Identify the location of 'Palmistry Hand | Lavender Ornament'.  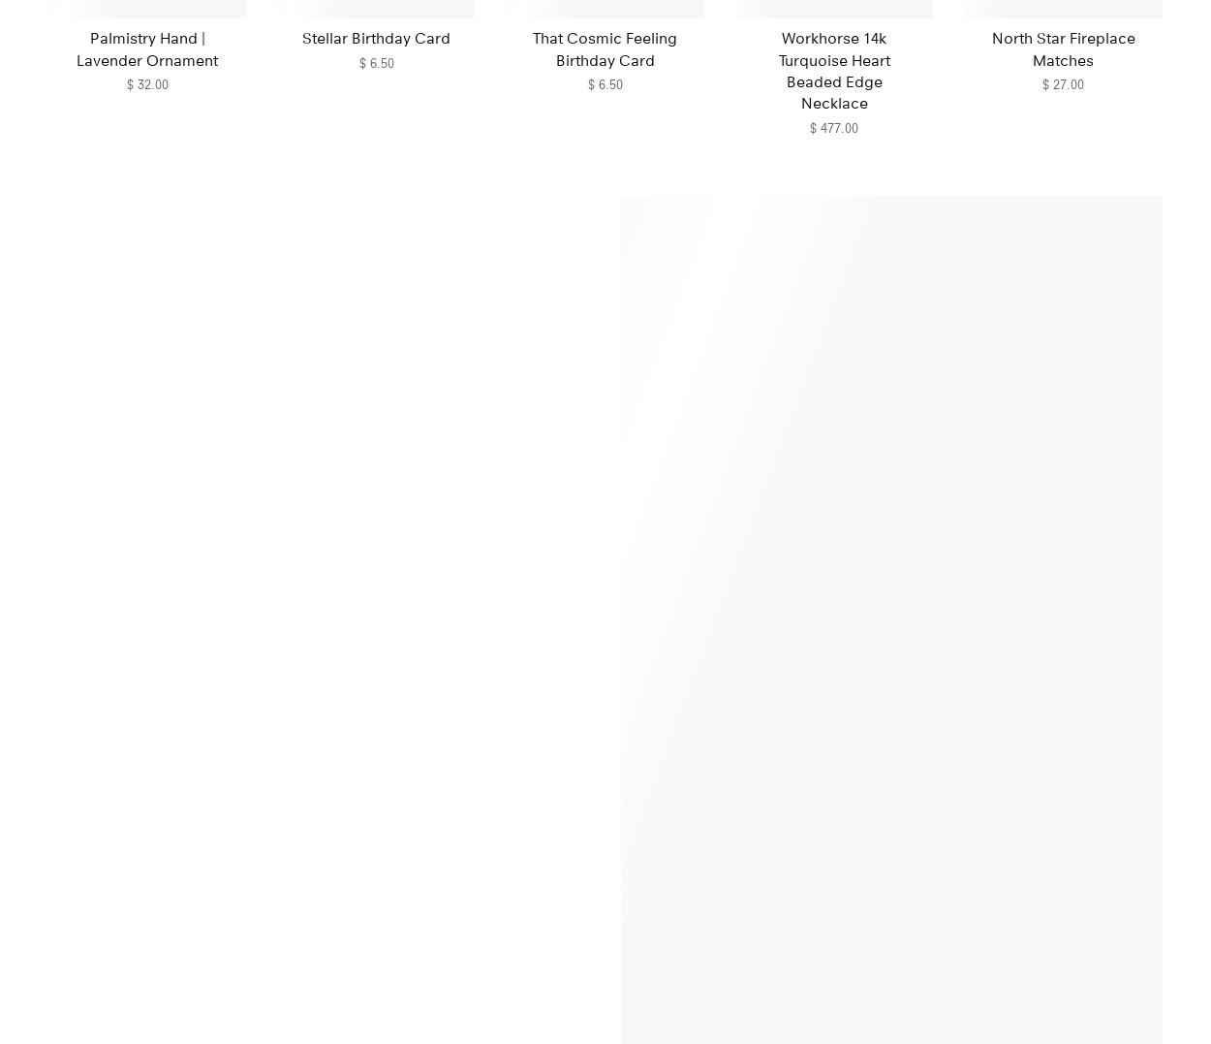
(147, 48).